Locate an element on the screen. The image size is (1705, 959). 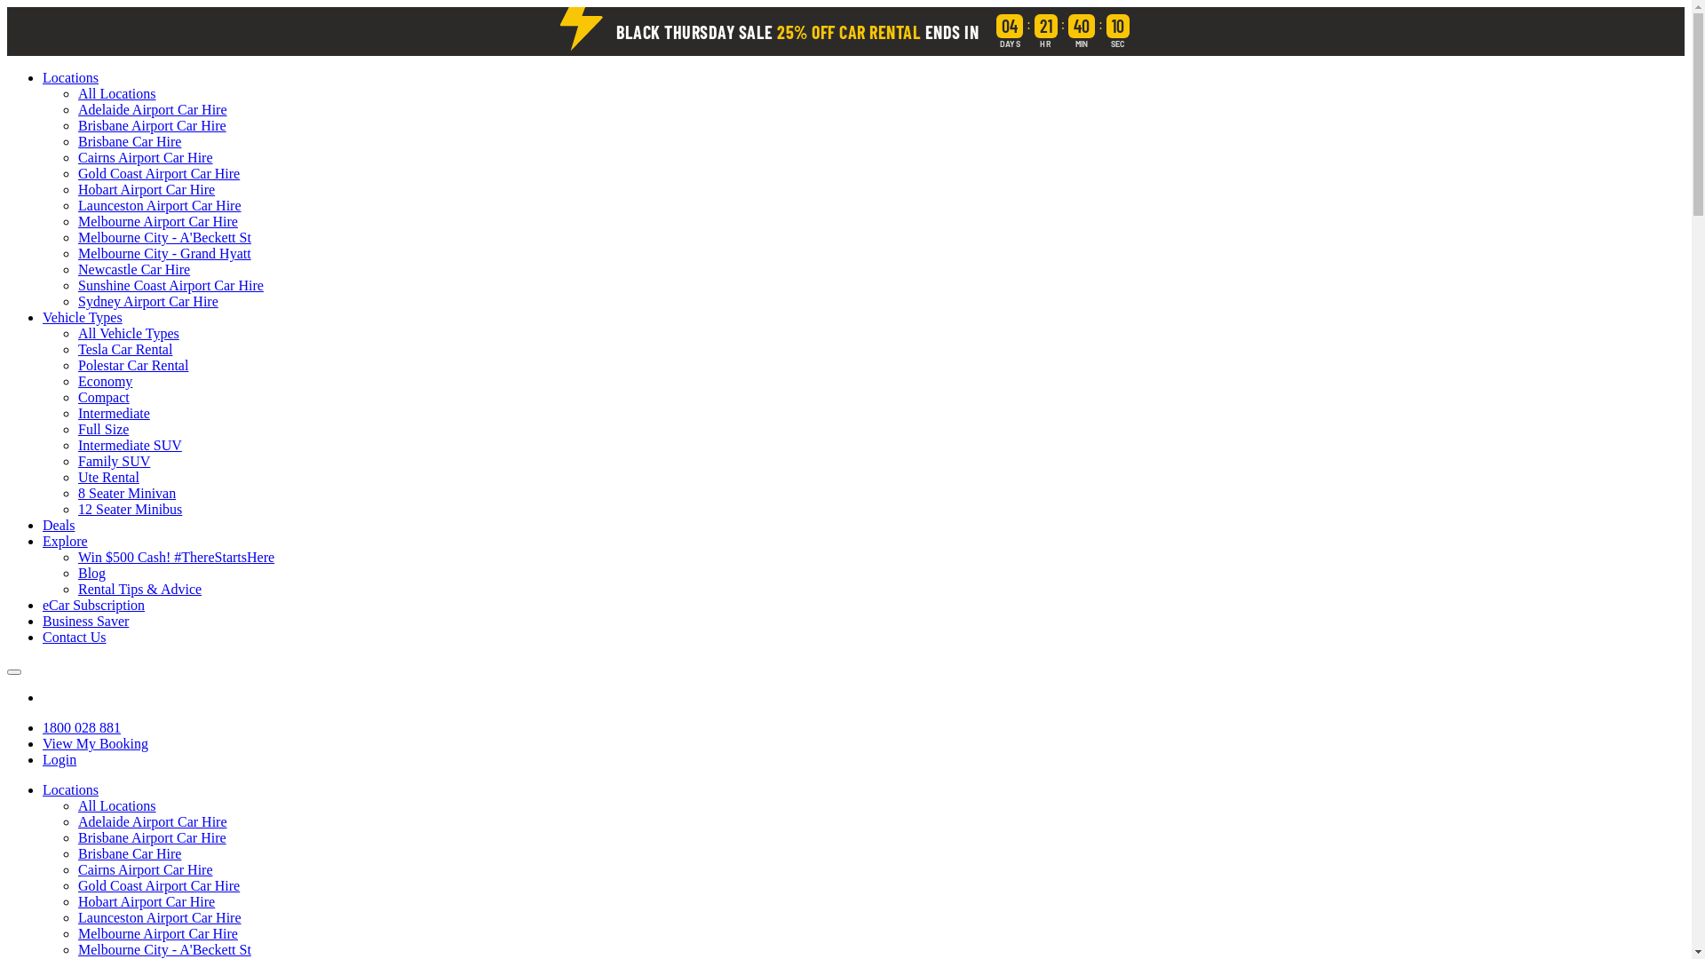
'Brisbane Airport Car Hire' is located at coordinates (152, 837).